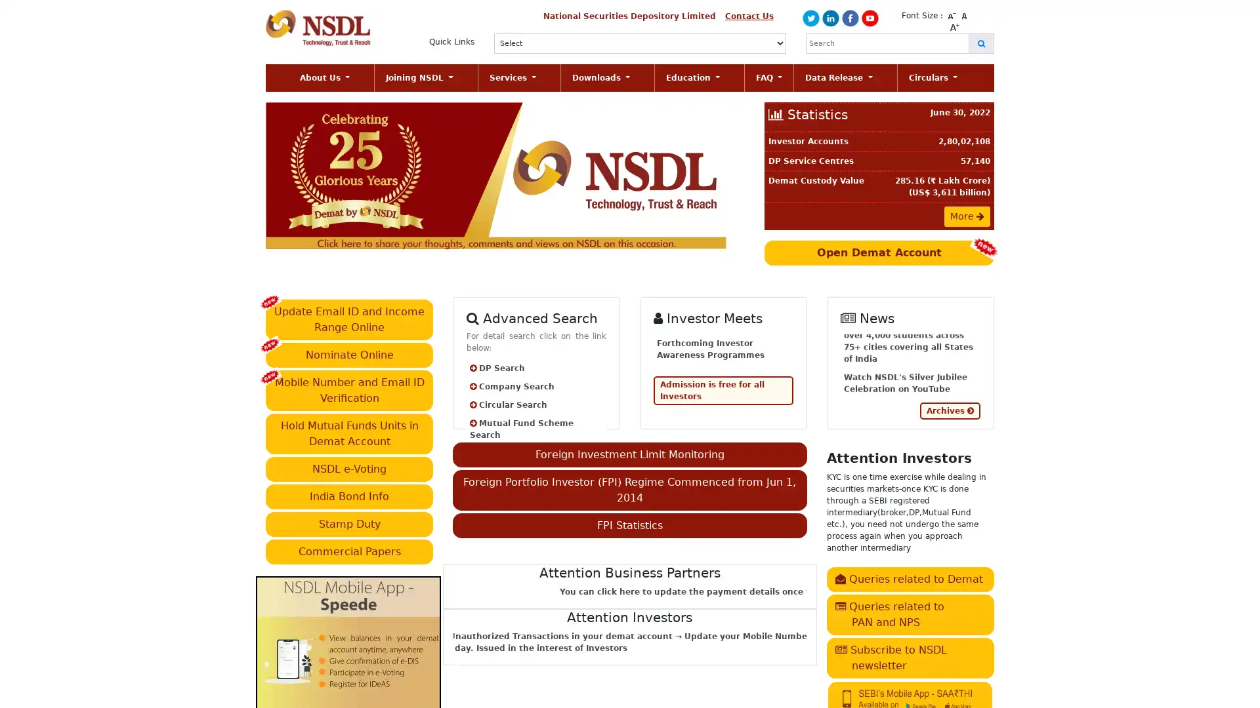  I want to click on Foreign Portfolio Investor (FPI) Regime Commenced from Jun 1, 2014, so click(629, 490).